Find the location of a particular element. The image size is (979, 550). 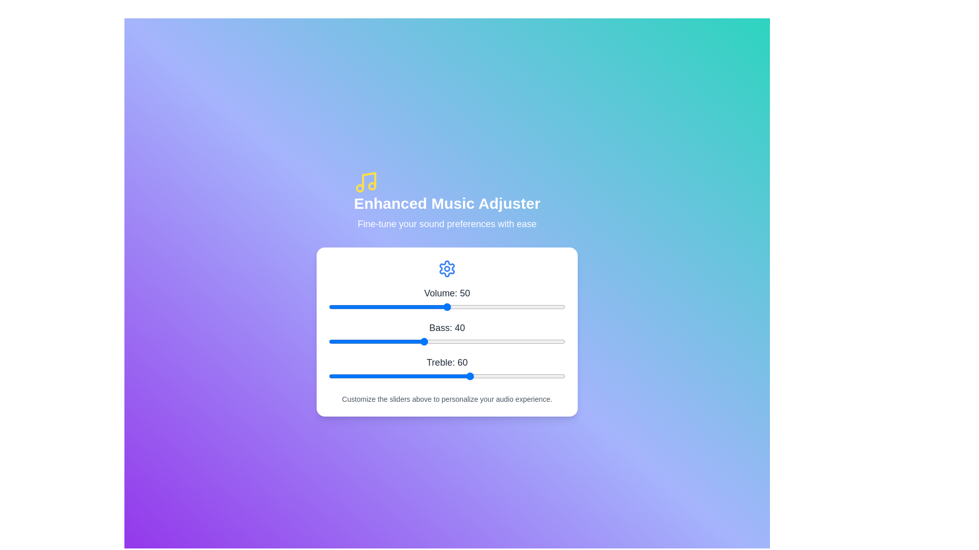

the gear icon in the center of the component is located at coordinates (447, 268).